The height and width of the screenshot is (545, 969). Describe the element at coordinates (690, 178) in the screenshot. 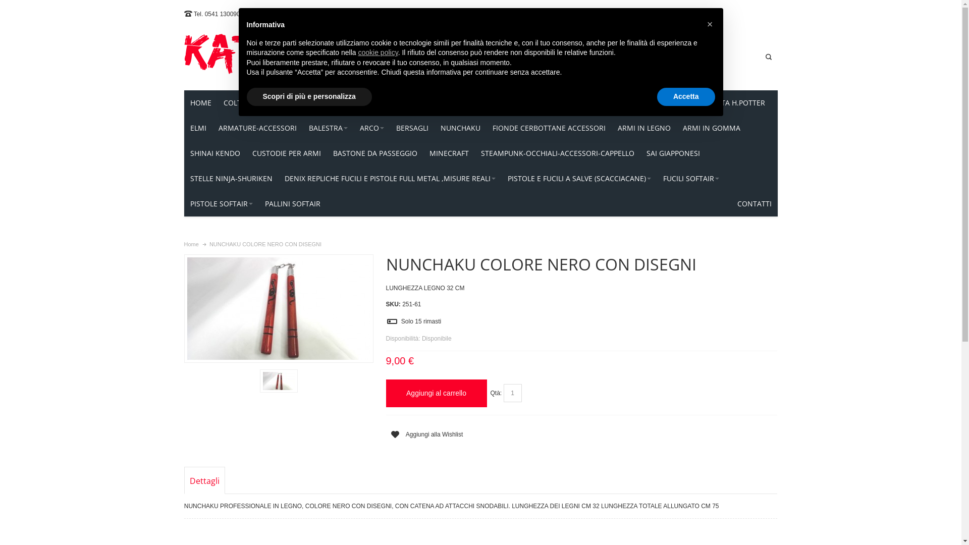

I see `'FUCILI SOFTAIR  '` at that location.